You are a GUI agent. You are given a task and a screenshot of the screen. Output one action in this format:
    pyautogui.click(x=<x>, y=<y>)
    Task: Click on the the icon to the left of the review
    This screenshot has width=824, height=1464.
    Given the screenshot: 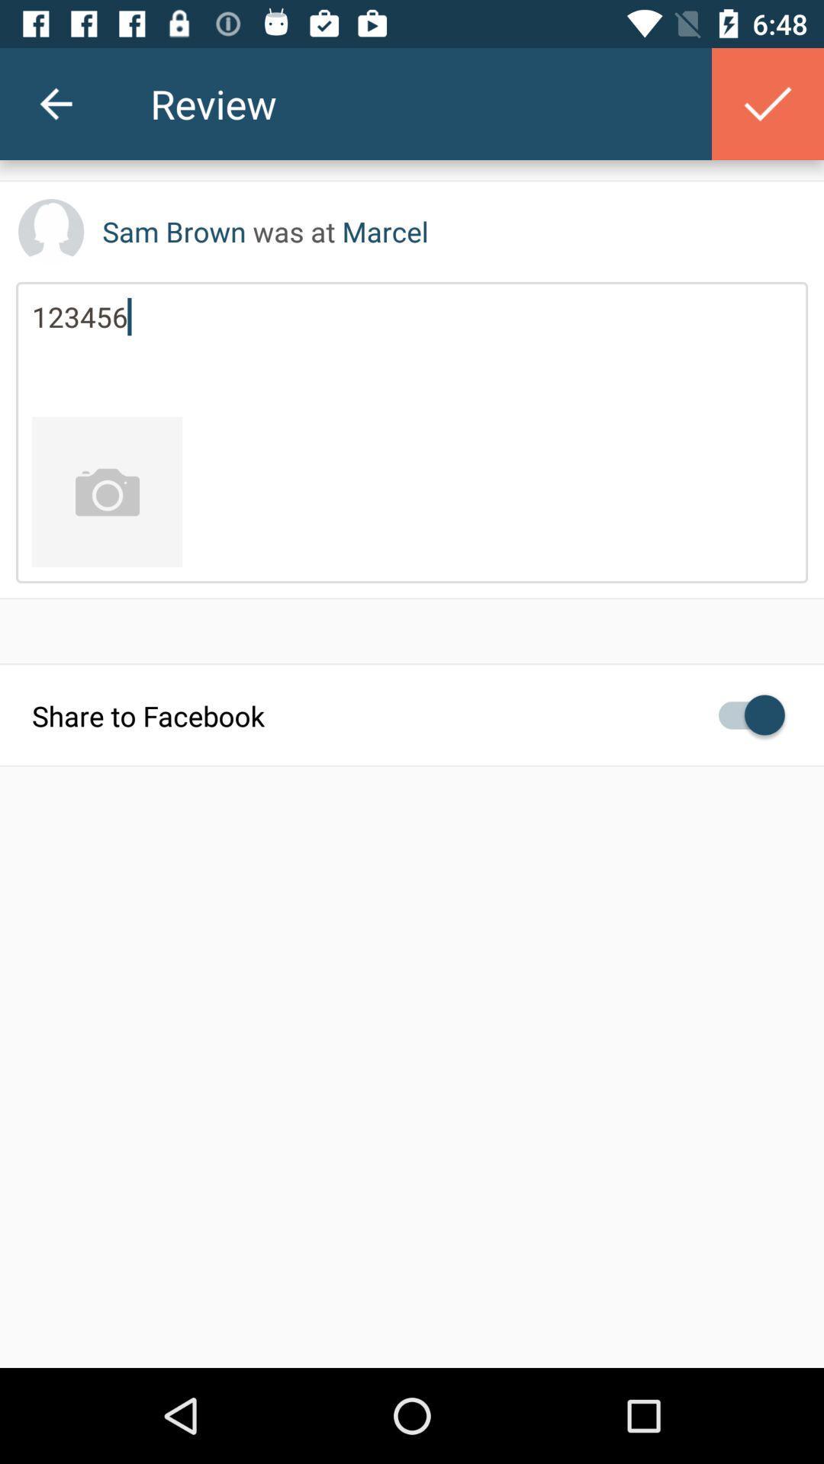 What is the action you would take?
    pyautogui.click(x=55, y=103)
    